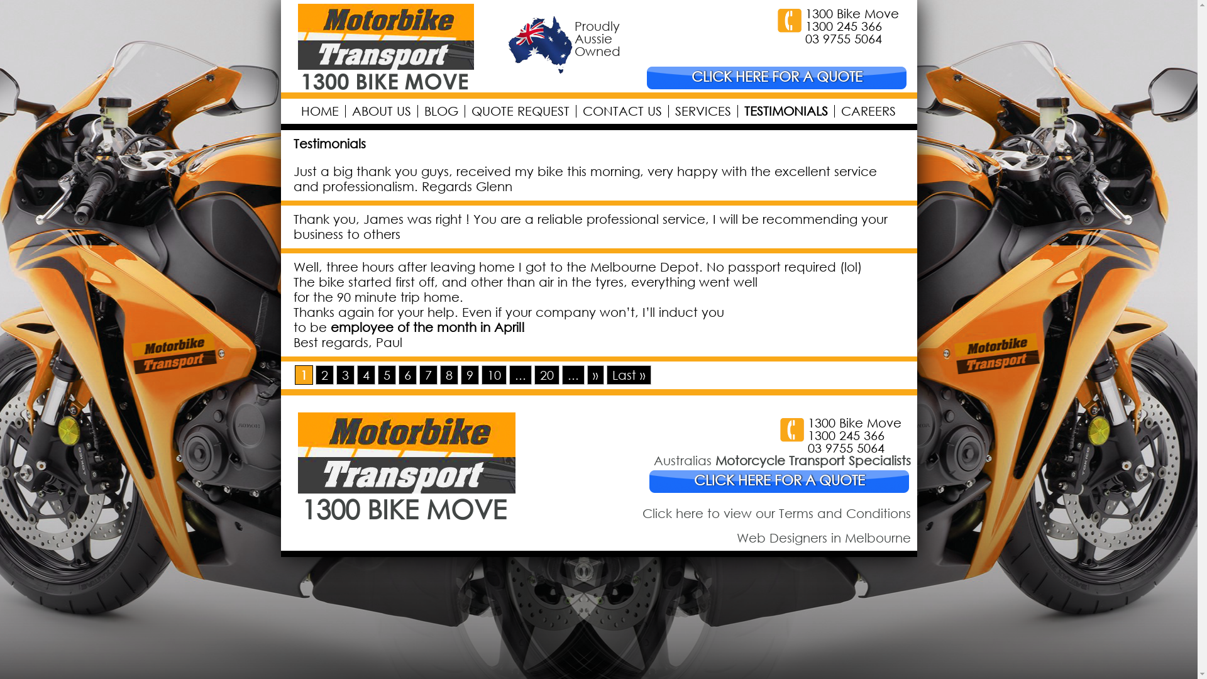 This screenshot has height=679, width=1207. Describe the element at coordinates (546, 374) in the screenshot. I see `'20'` at that location.